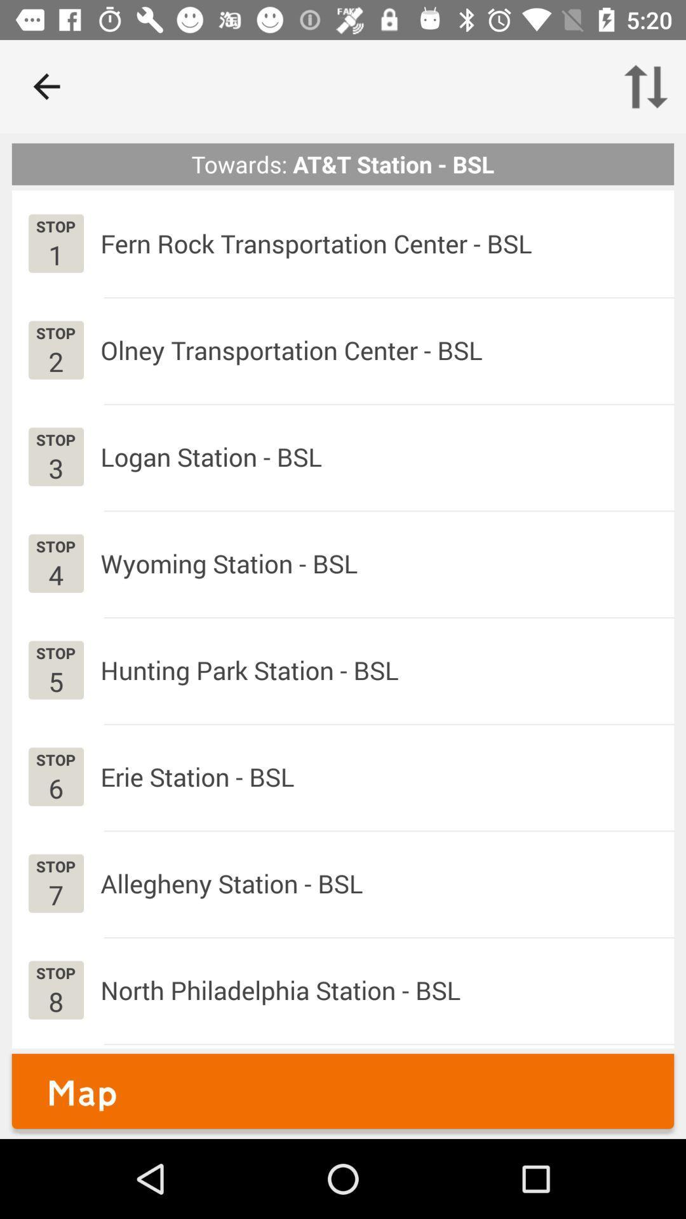 The image size is (686, 1219). I want to click on the fern rock transportation icon, so click(315, 243).